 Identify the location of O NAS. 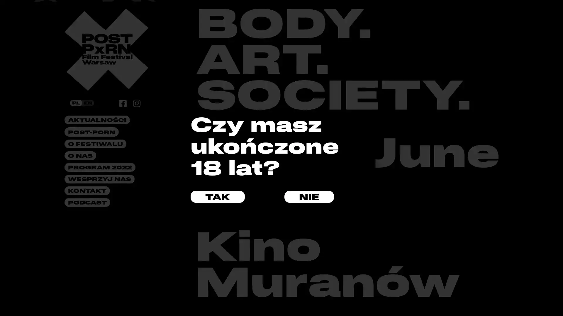
(80, 155).